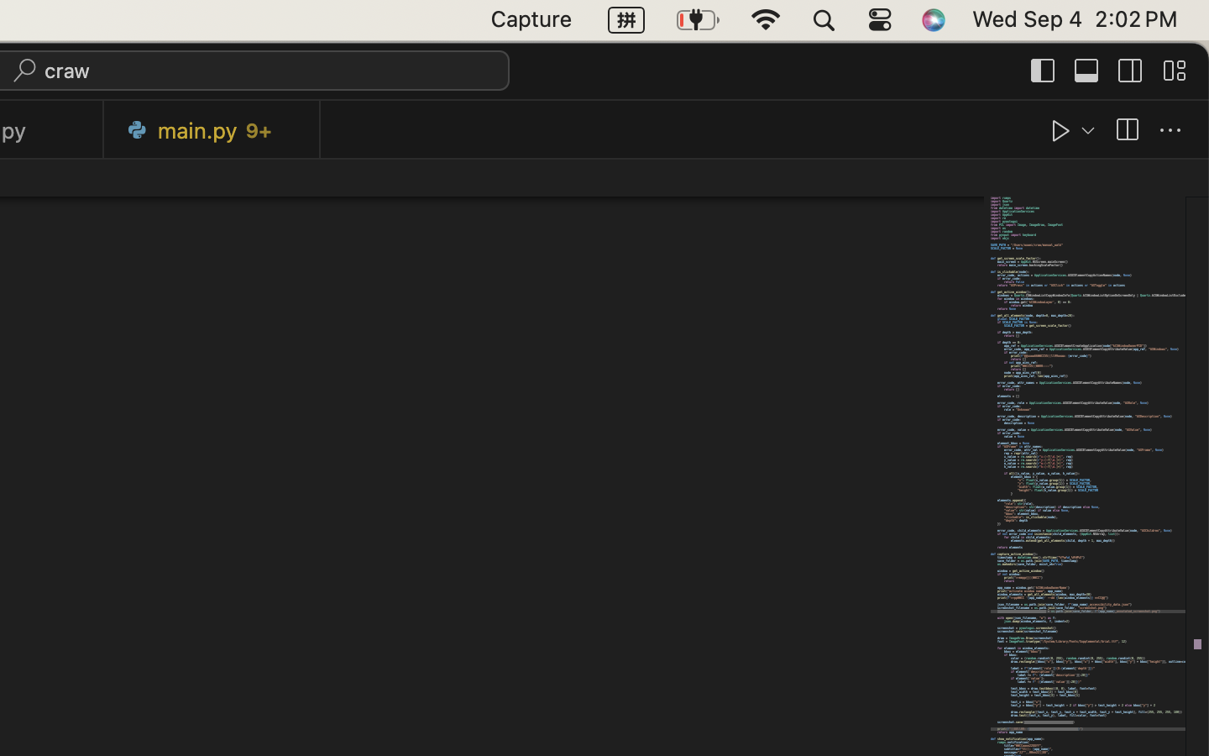 Image resolution: width=1209 pixels, height=756 pixels. I want to click on '', so click(1043, 69).